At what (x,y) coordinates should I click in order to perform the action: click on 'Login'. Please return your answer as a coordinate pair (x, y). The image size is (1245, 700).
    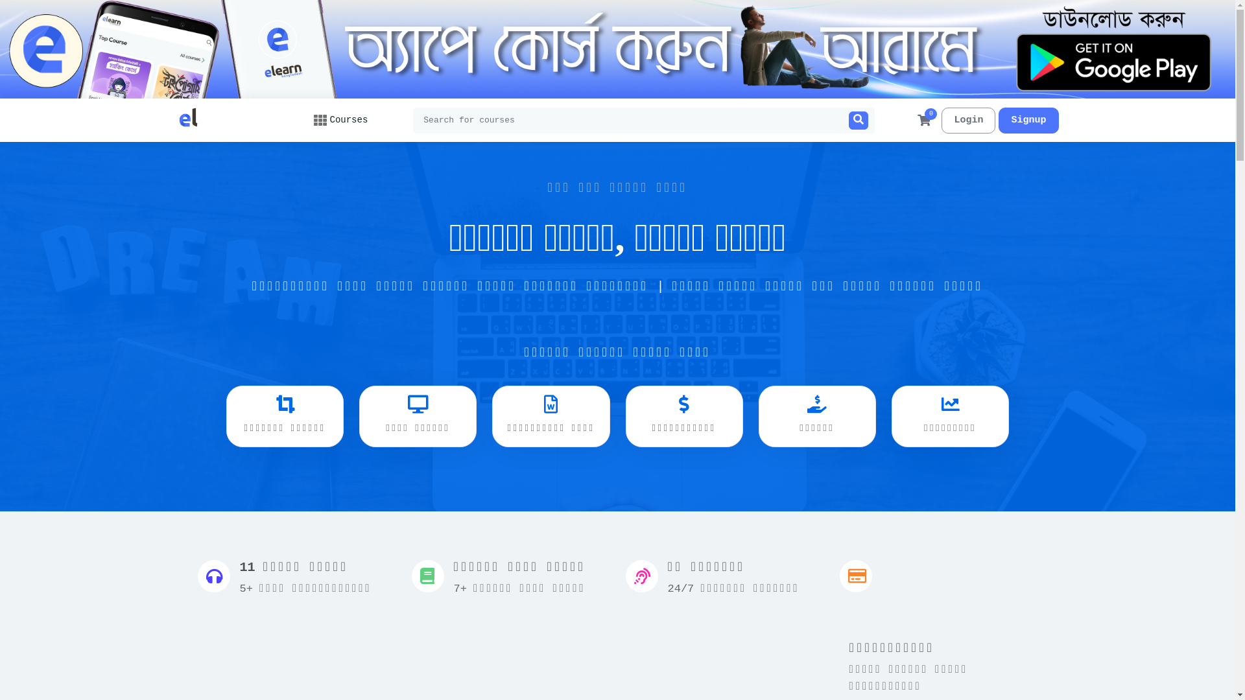
    Looking at the image, I should click on (968, 120).